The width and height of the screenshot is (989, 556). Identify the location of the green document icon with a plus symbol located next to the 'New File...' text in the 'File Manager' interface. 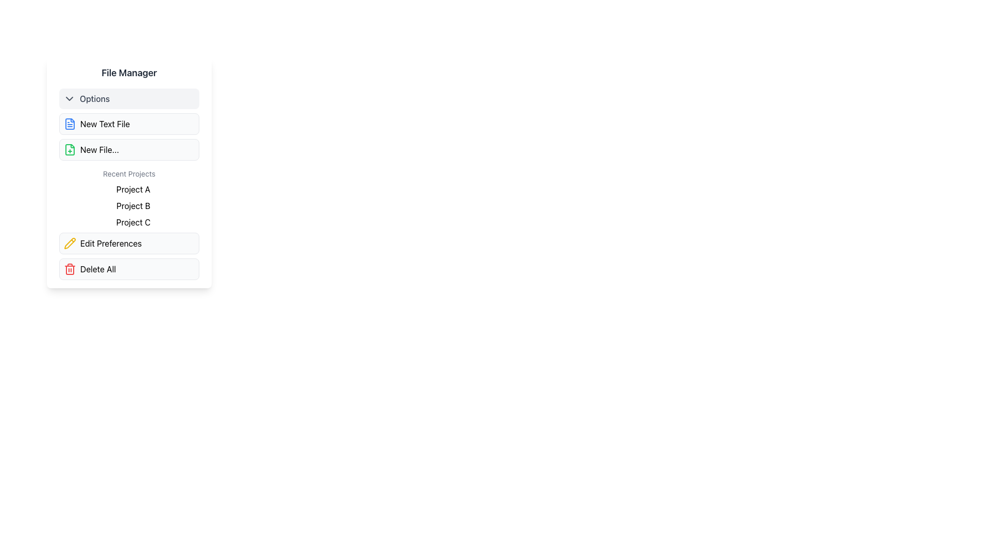
(69, 149).